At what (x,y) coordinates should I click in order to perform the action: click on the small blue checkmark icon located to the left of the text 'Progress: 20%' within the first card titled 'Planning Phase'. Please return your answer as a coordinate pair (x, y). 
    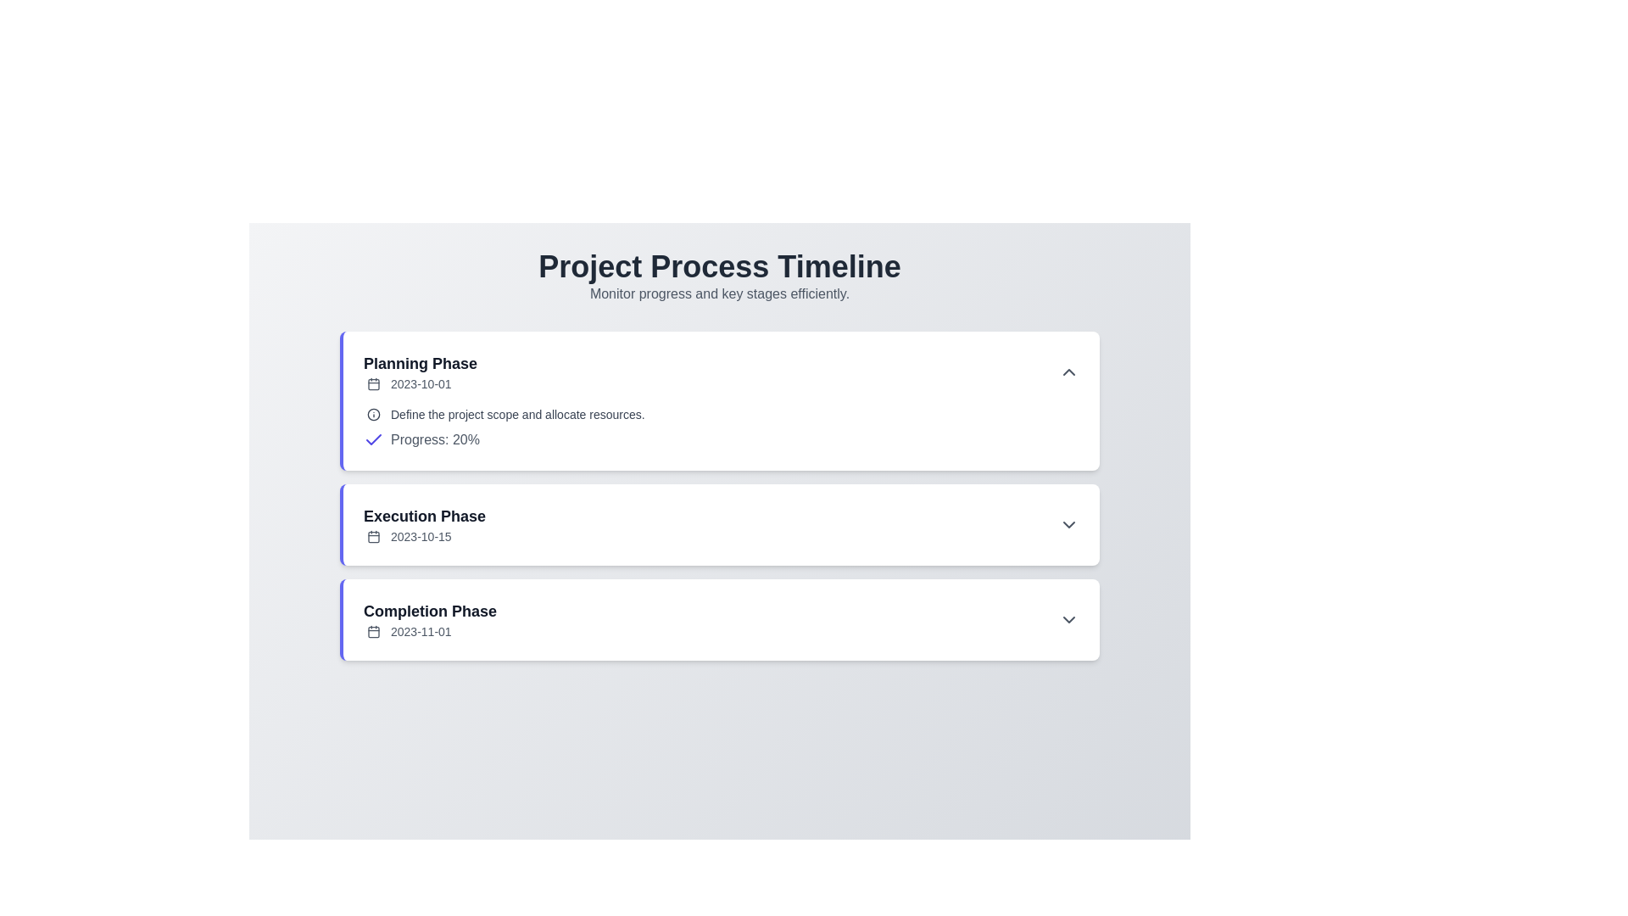
    Looking at the image, I should click on (373, 439).